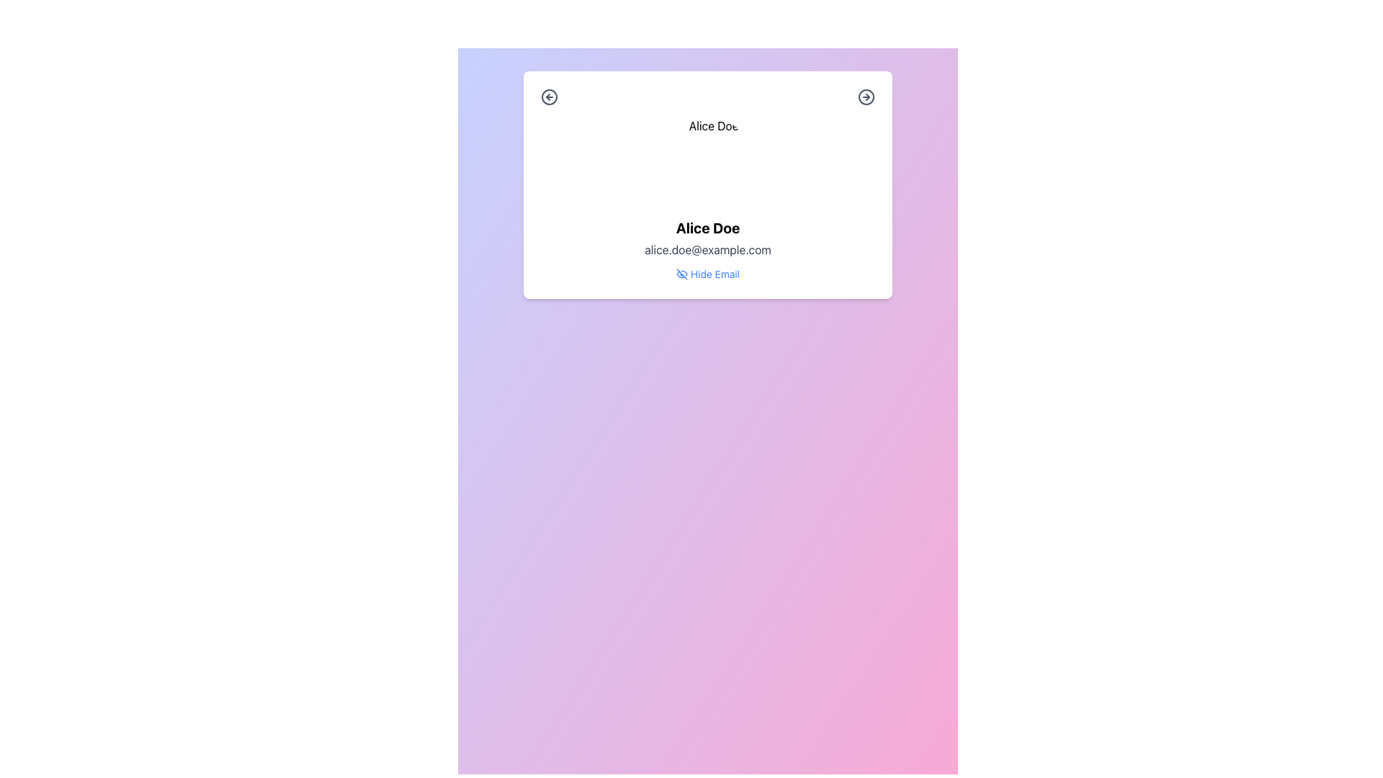  Describe the element at coordinates (708, 200) in the screenshot. I see `the circular image of the Profile Card, which displays the user's profile picture, located at the center of the element` at that location.